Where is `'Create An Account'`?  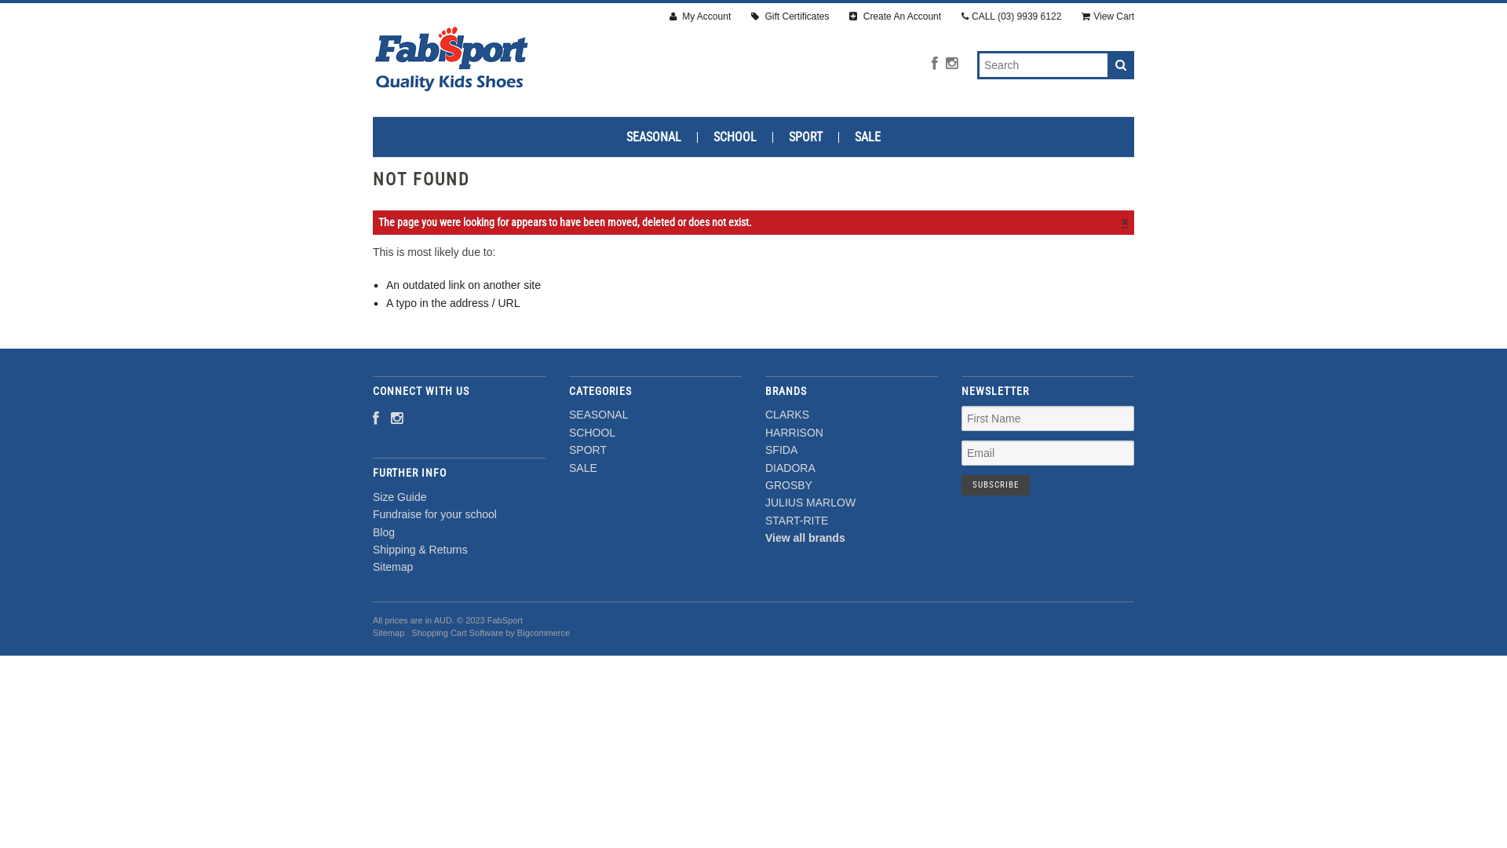 'Create An Account' is located at coordinates (848, 16).